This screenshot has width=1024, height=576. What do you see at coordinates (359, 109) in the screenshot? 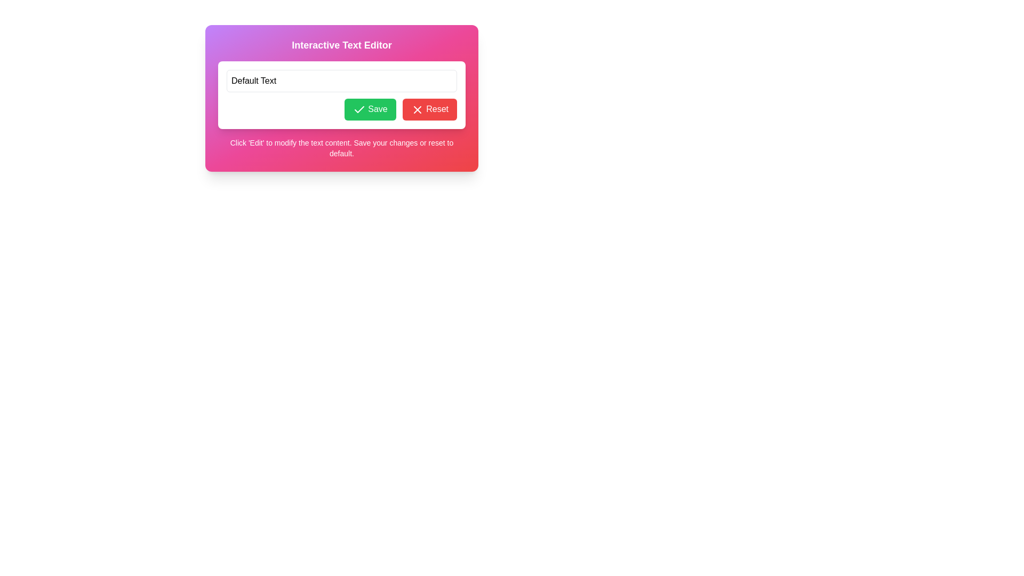
I see `the green check mark icon within the 'Save' button` at bounding box center [359, 109].